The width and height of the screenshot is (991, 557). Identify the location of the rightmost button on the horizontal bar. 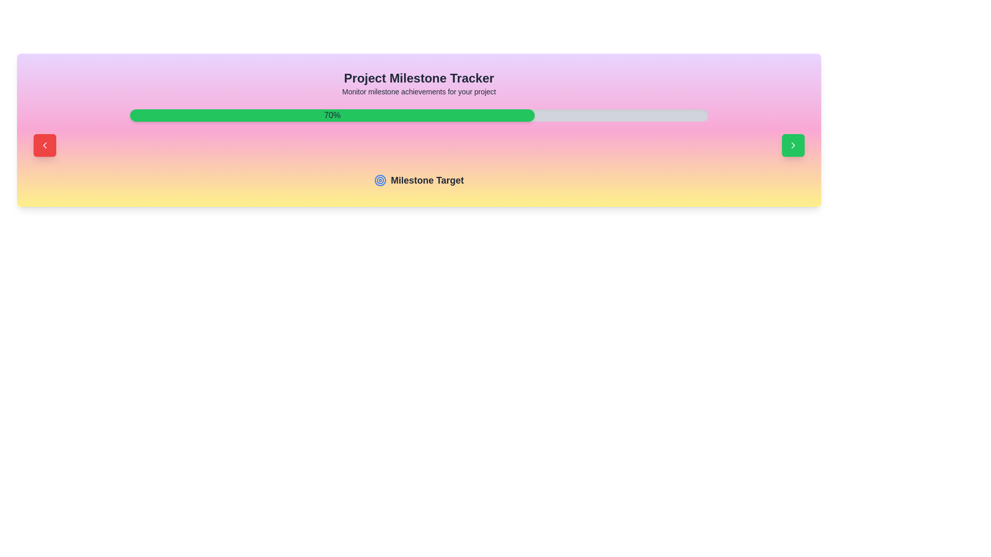
(792, 145).